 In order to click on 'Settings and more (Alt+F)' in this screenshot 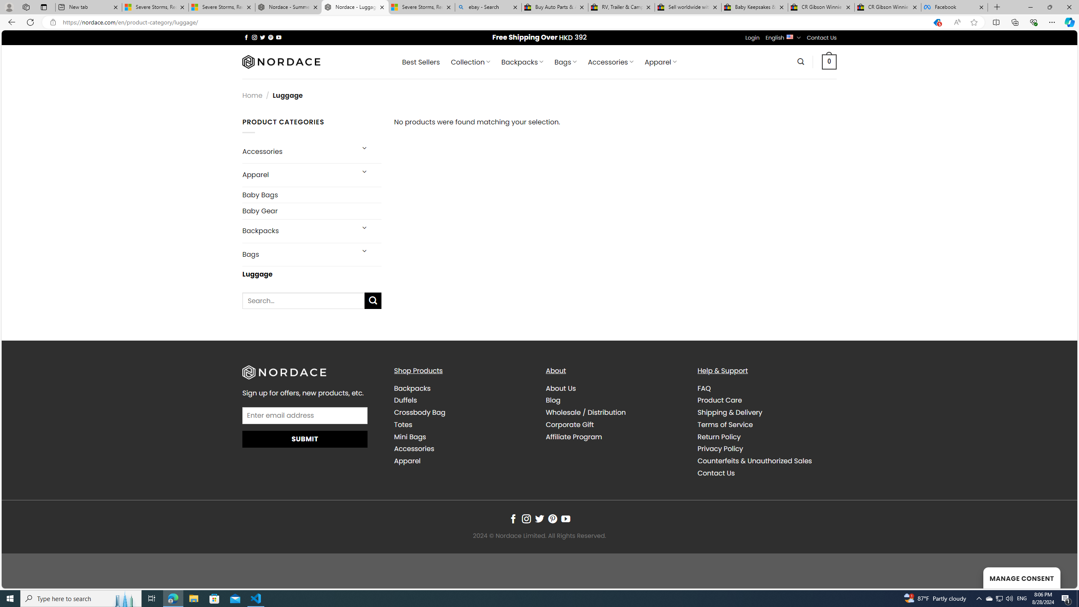, I will do `click(1052, 21)`.